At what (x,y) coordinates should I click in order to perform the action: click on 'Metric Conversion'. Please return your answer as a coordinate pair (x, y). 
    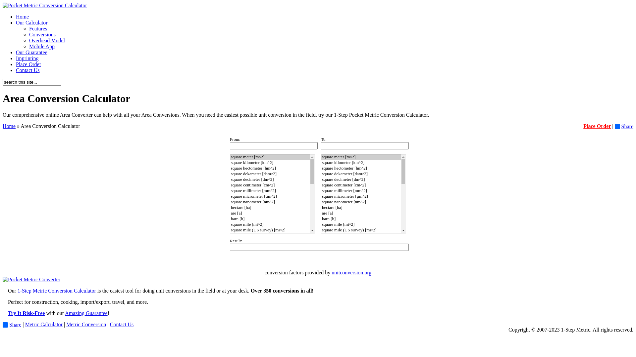
    Looking at the image, I should click on (85, 324).